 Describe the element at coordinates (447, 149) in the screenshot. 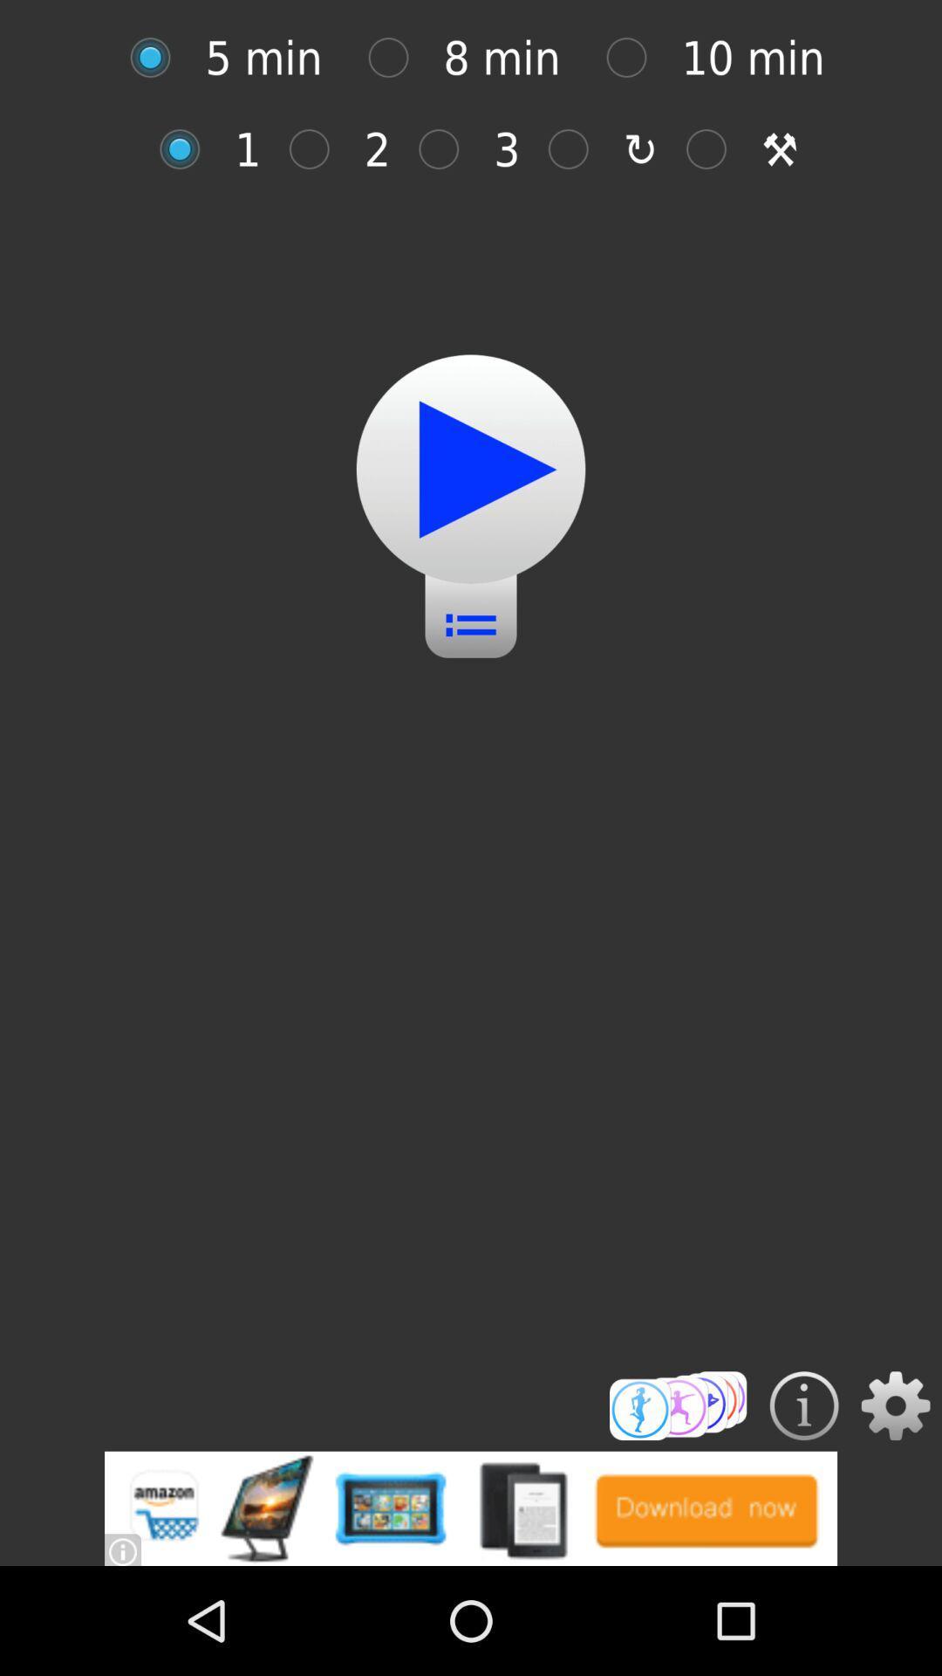

I see `number three` at that location.